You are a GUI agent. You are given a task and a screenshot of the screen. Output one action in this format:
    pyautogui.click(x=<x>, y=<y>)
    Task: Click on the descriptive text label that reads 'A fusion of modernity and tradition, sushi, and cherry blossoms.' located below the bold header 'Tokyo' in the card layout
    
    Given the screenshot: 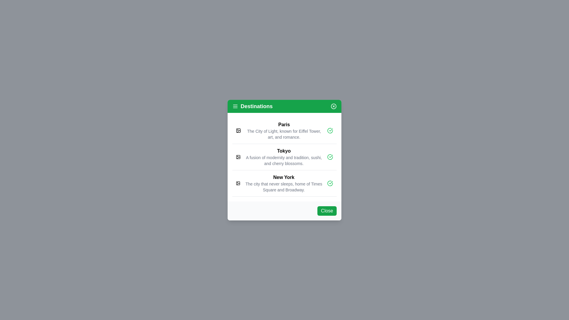 What is the action you would take?
    pyautogui.click(x=283, y=160)
    